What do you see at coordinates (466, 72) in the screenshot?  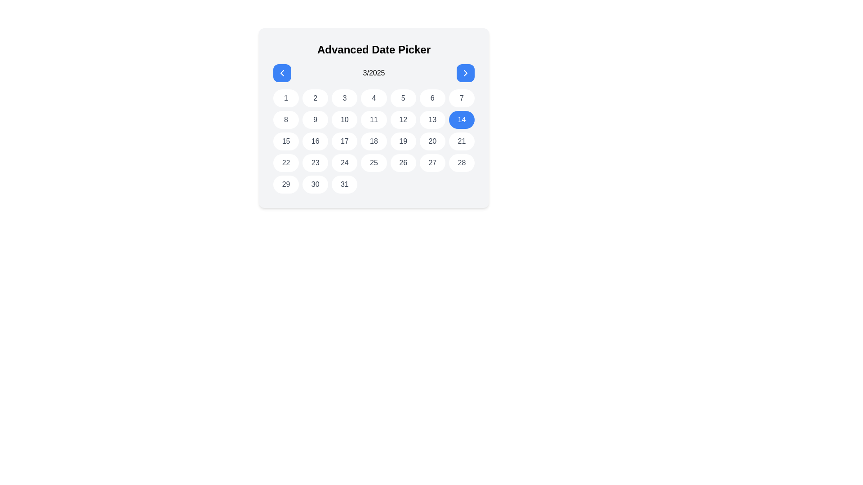 I see `the right navigation button icon within the calendar interface to advance months` at bounding box center [466, 72].